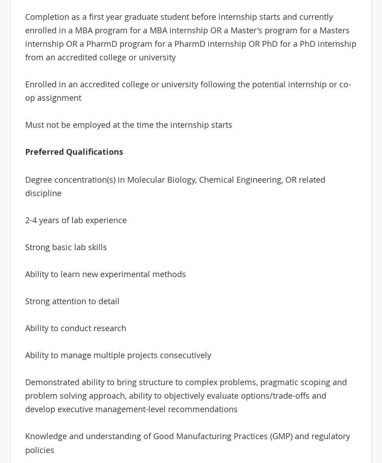  Describe the element at coordinates (105, 274) in the screenshot. I see `'Ability to learn new experimental methods'` at that location.